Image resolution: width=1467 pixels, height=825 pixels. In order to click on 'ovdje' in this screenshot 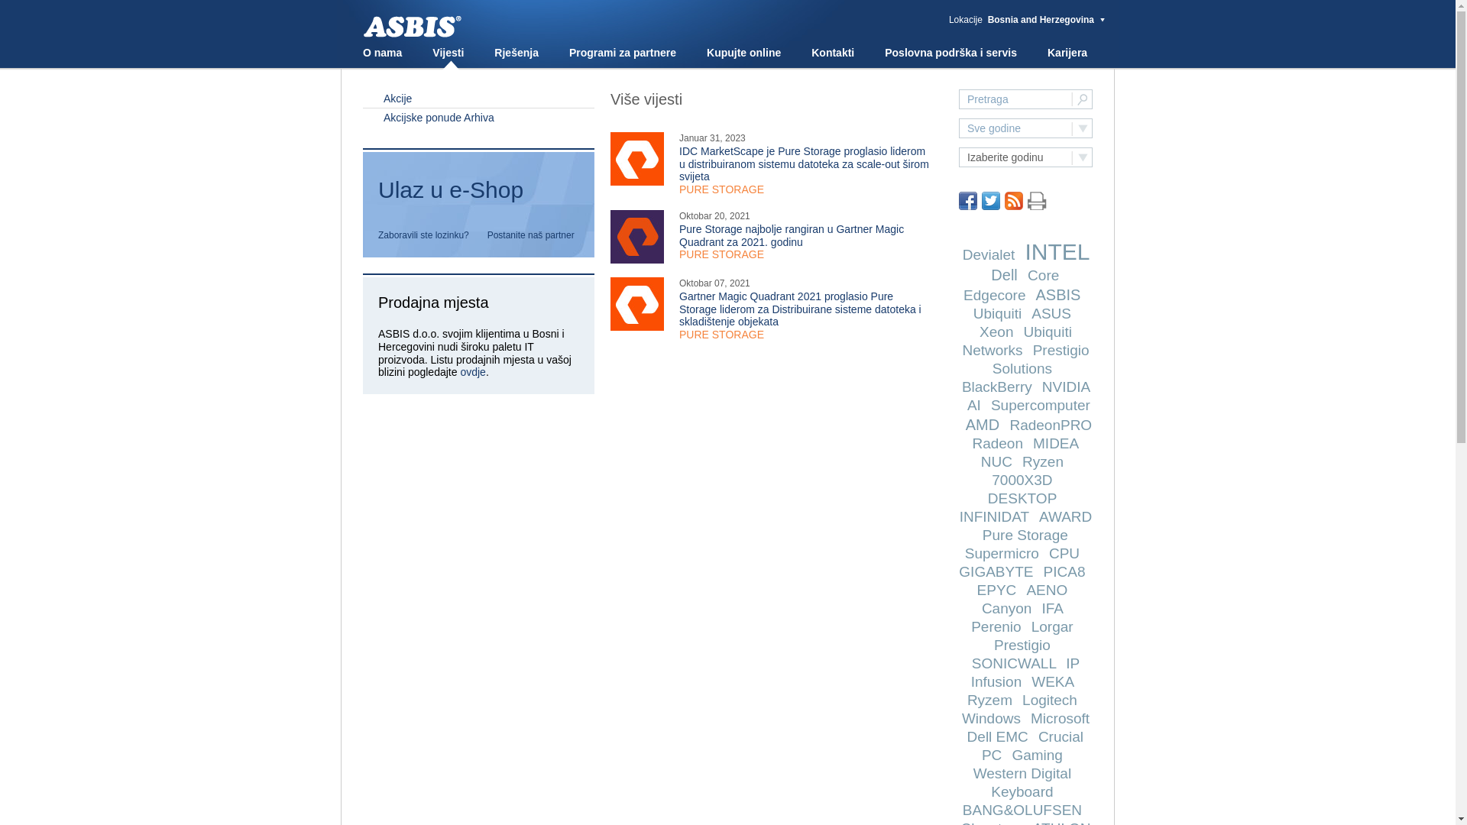, I will do `click(471, 371)`.